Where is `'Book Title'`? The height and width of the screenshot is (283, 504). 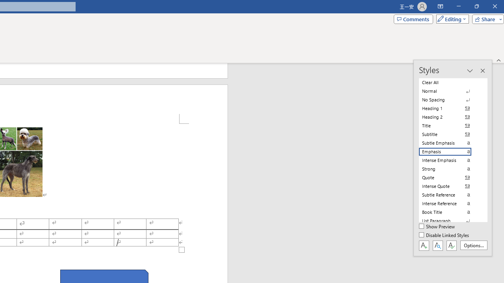
'Book Title' is located at coordinates (450, 212).